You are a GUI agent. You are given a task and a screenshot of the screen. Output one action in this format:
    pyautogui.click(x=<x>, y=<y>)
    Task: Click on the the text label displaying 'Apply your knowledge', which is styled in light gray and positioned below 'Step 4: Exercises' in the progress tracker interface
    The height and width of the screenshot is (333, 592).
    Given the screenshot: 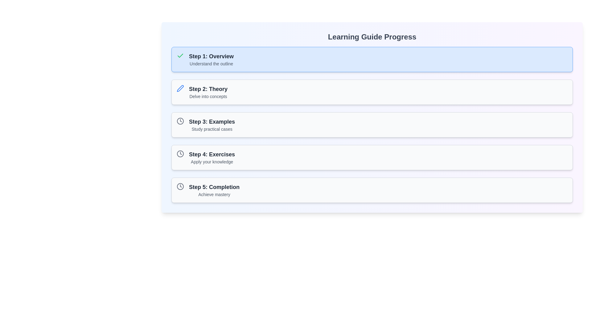 What is the action you would take?
    pyautogui.click(x=212, y=161)
    